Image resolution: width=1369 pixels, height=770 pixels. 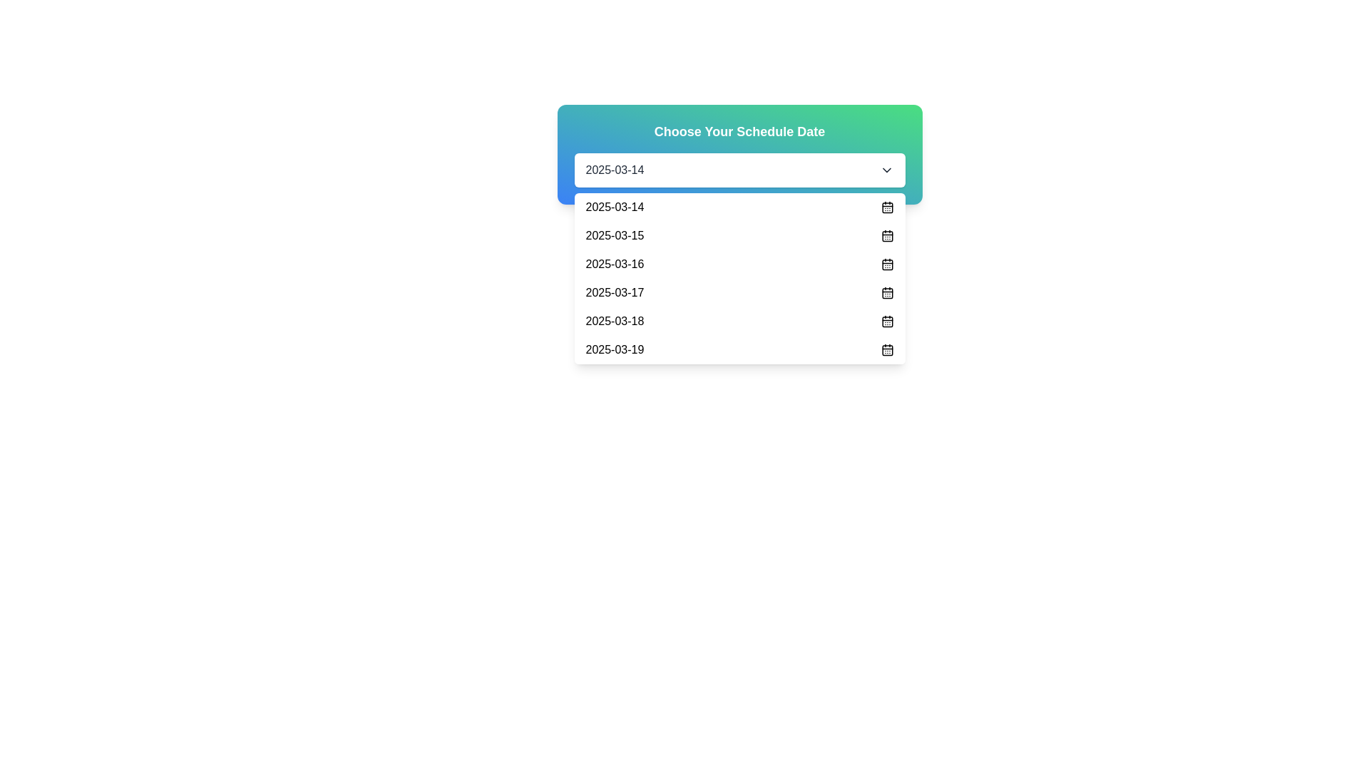 What do you see at coordinates (886, 207) in the screenshot?
I see `the calendar icon located to the right of the date '2025-03-14' in the dropdown list` at bounding box center [886, 207].